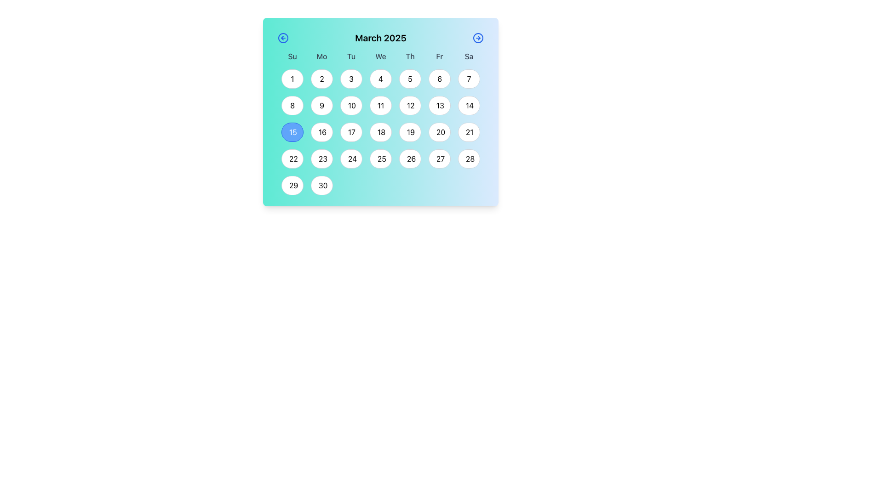 This screenshot has height=496, width=883. I want to click on the first day button in the calendar view, located under the 'Su' header, so click(292, 79).